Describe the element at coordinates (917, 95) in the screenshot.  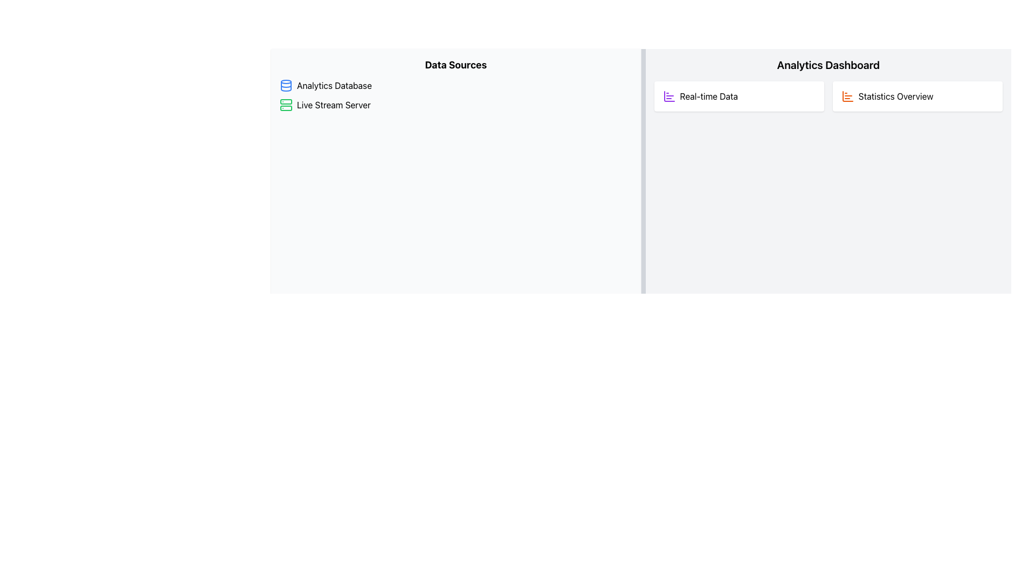
I see `the 'Statistics Overview' informative display, which features a white background, rounded corners, and an orange bar chart icon on the left, located in the 'Analytics Dashboard' section` at that location.